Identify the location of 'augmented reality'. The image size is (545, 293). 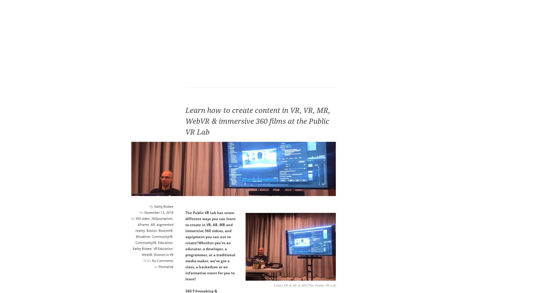
(153, 228).